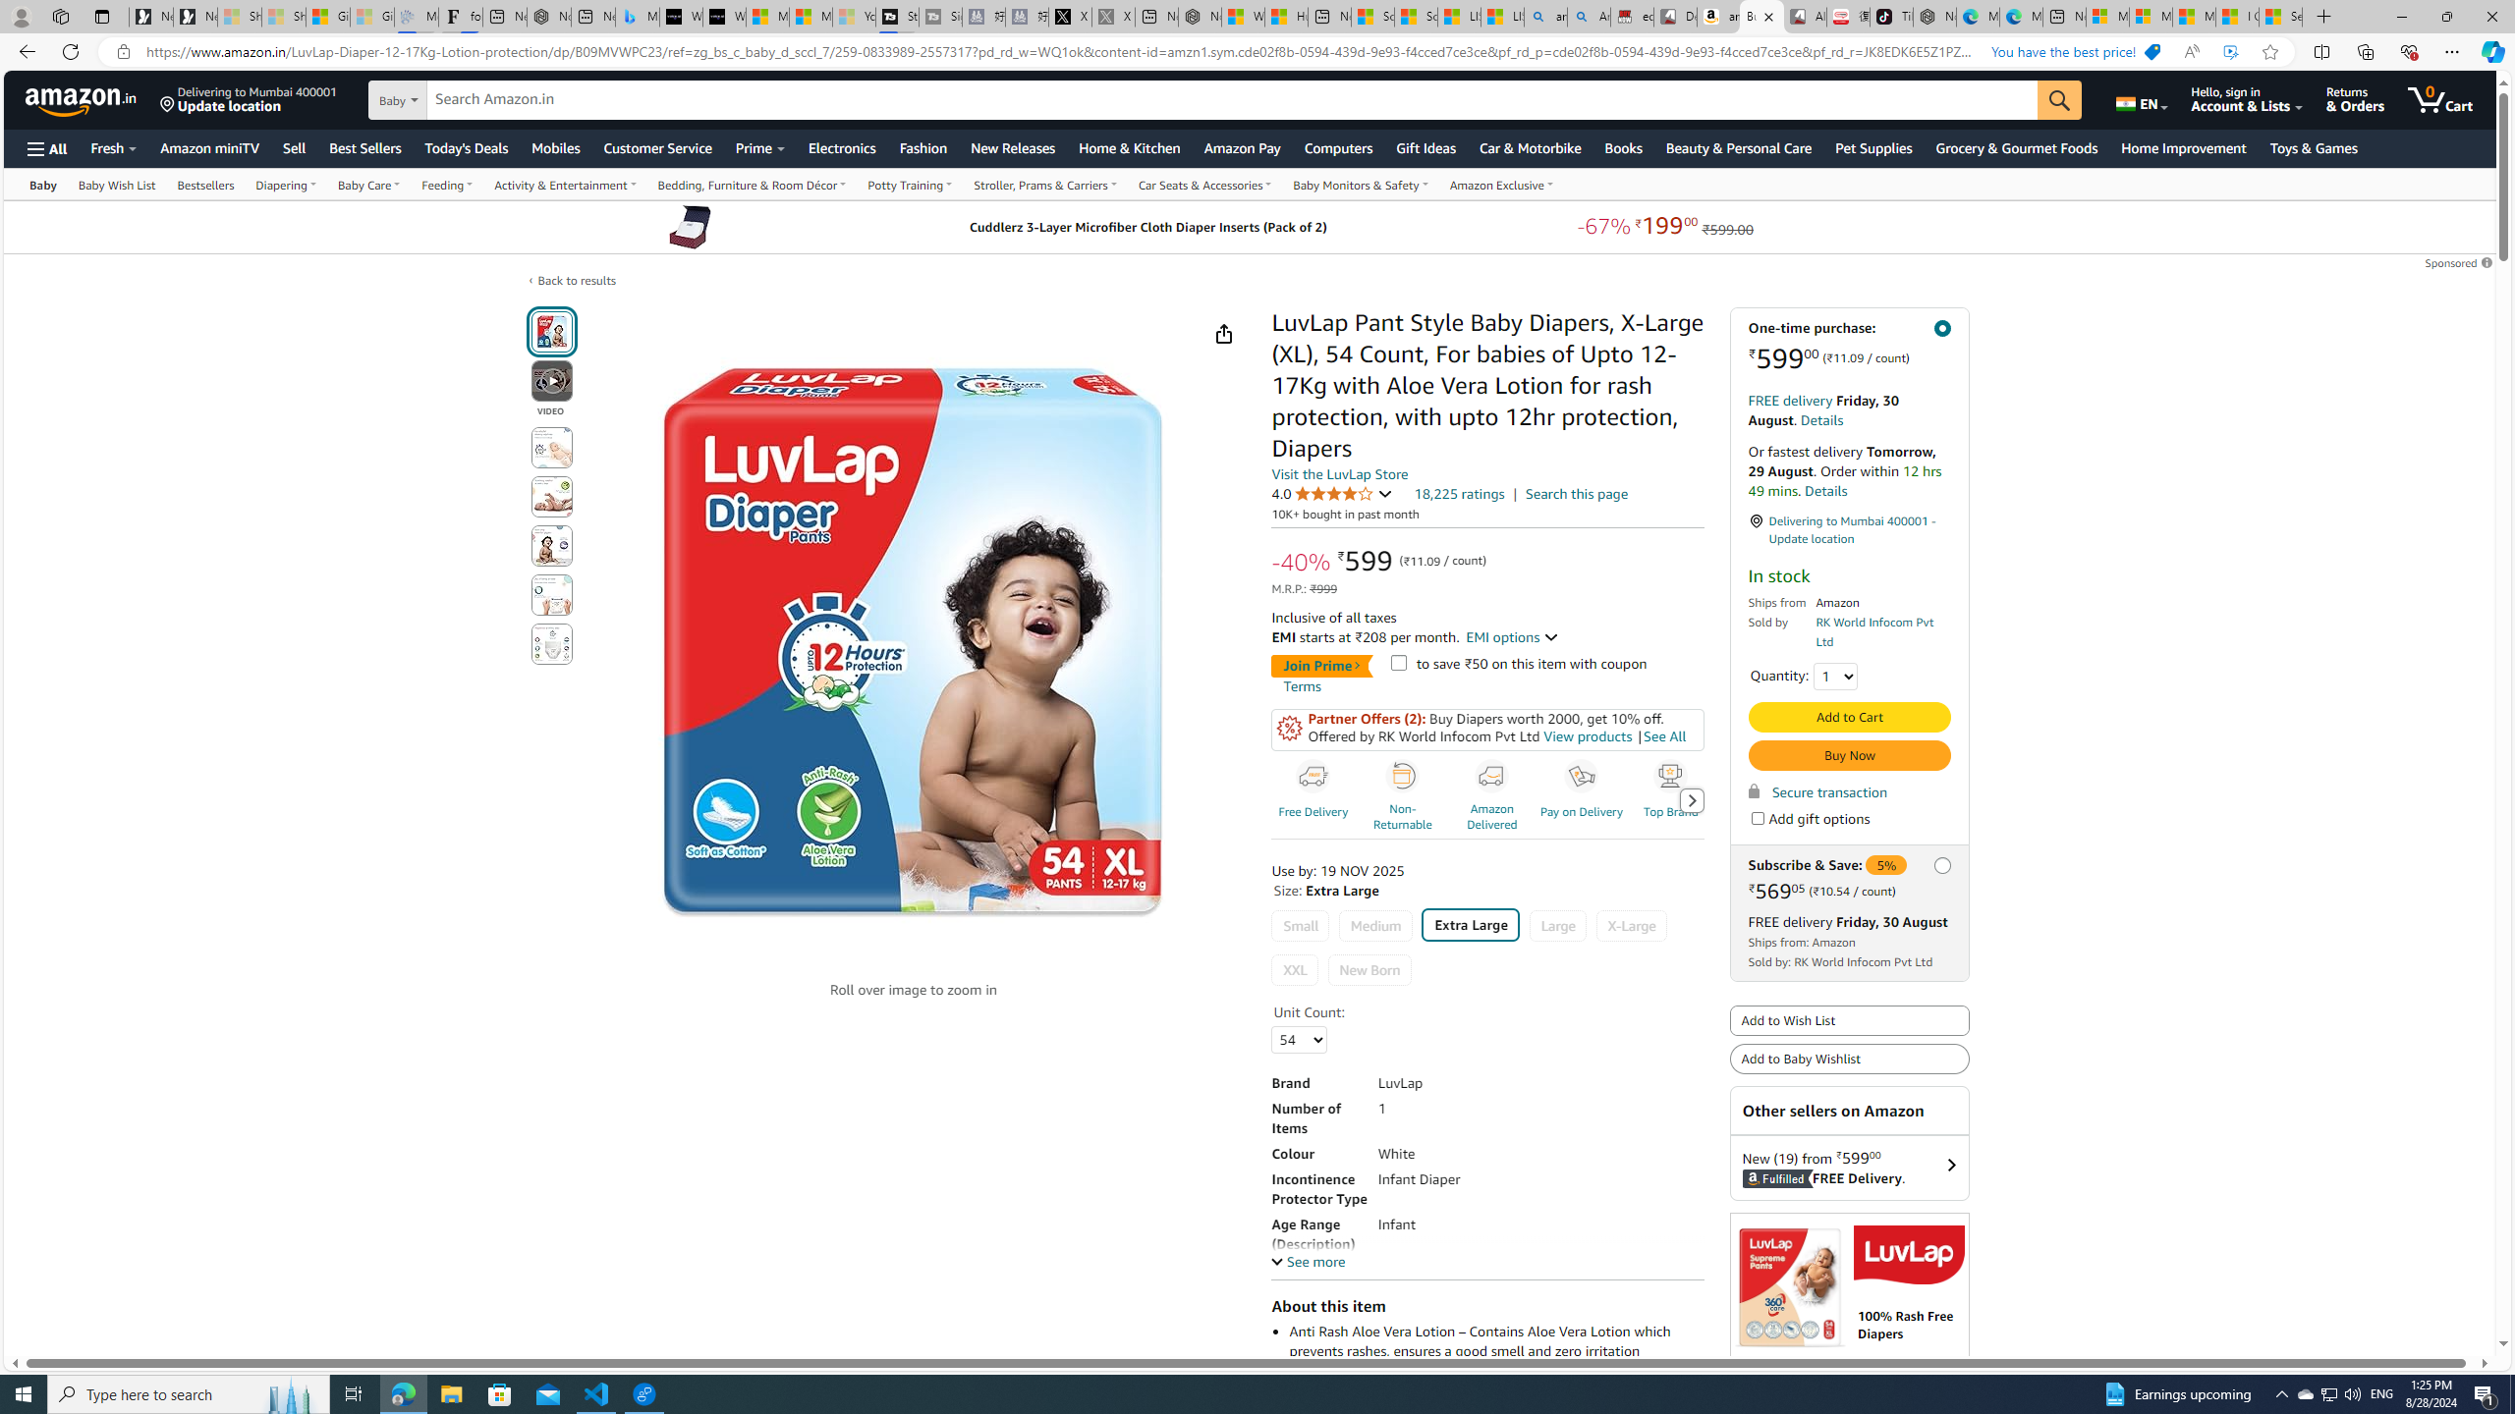 The height and width of the screenshot is (1414, 2515). Describe the element at coordinates (1199, 16) in the screenshot. I see `'Nordace - My Account'` at that location.